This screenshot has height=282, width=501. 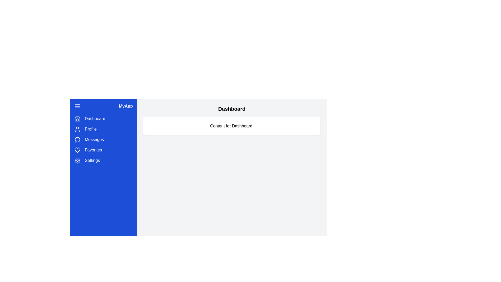 What do you see at coordinates (77, 160) in the screenshot?
I see `the settings icon located at the bottom of the navigation menu, below the 'Favorites' icon` at bounding box center [77, 160].